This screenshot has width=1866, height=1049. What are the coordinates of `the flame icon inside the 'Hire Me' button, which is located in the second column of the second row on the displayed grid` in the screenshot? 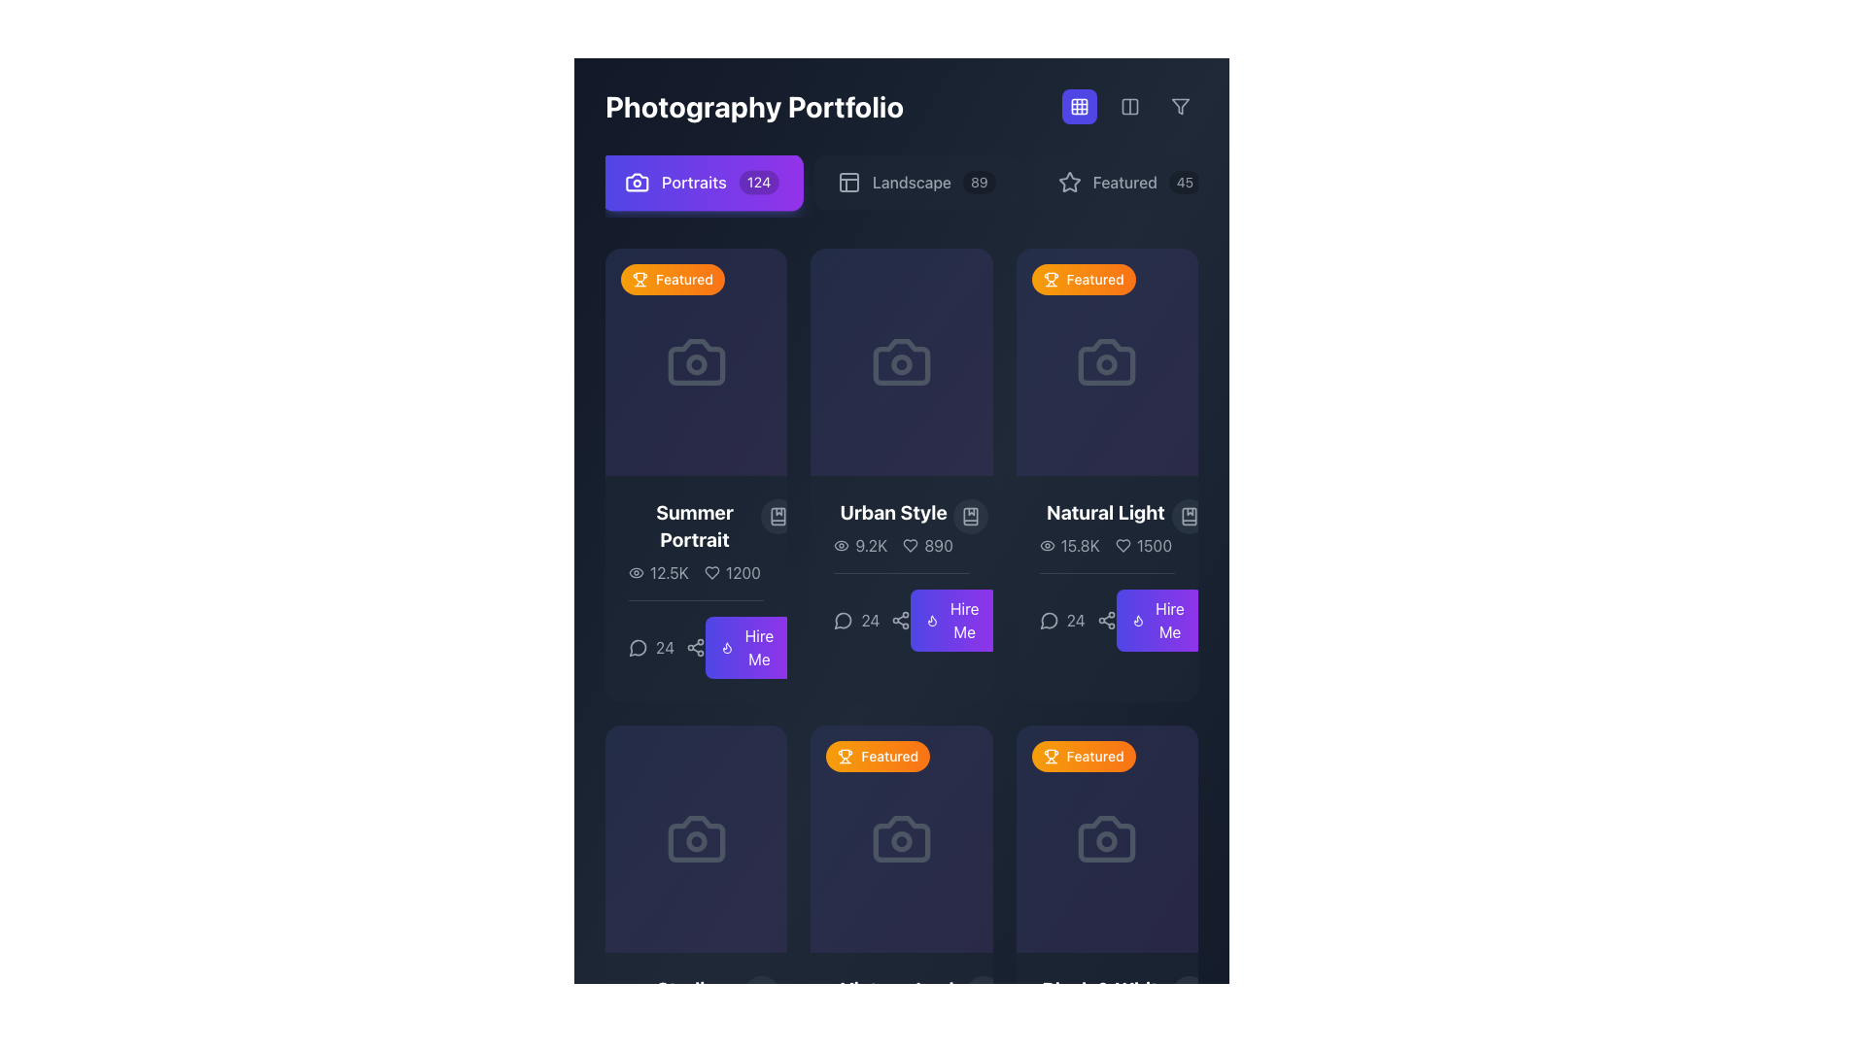 It's located at (933, 621).